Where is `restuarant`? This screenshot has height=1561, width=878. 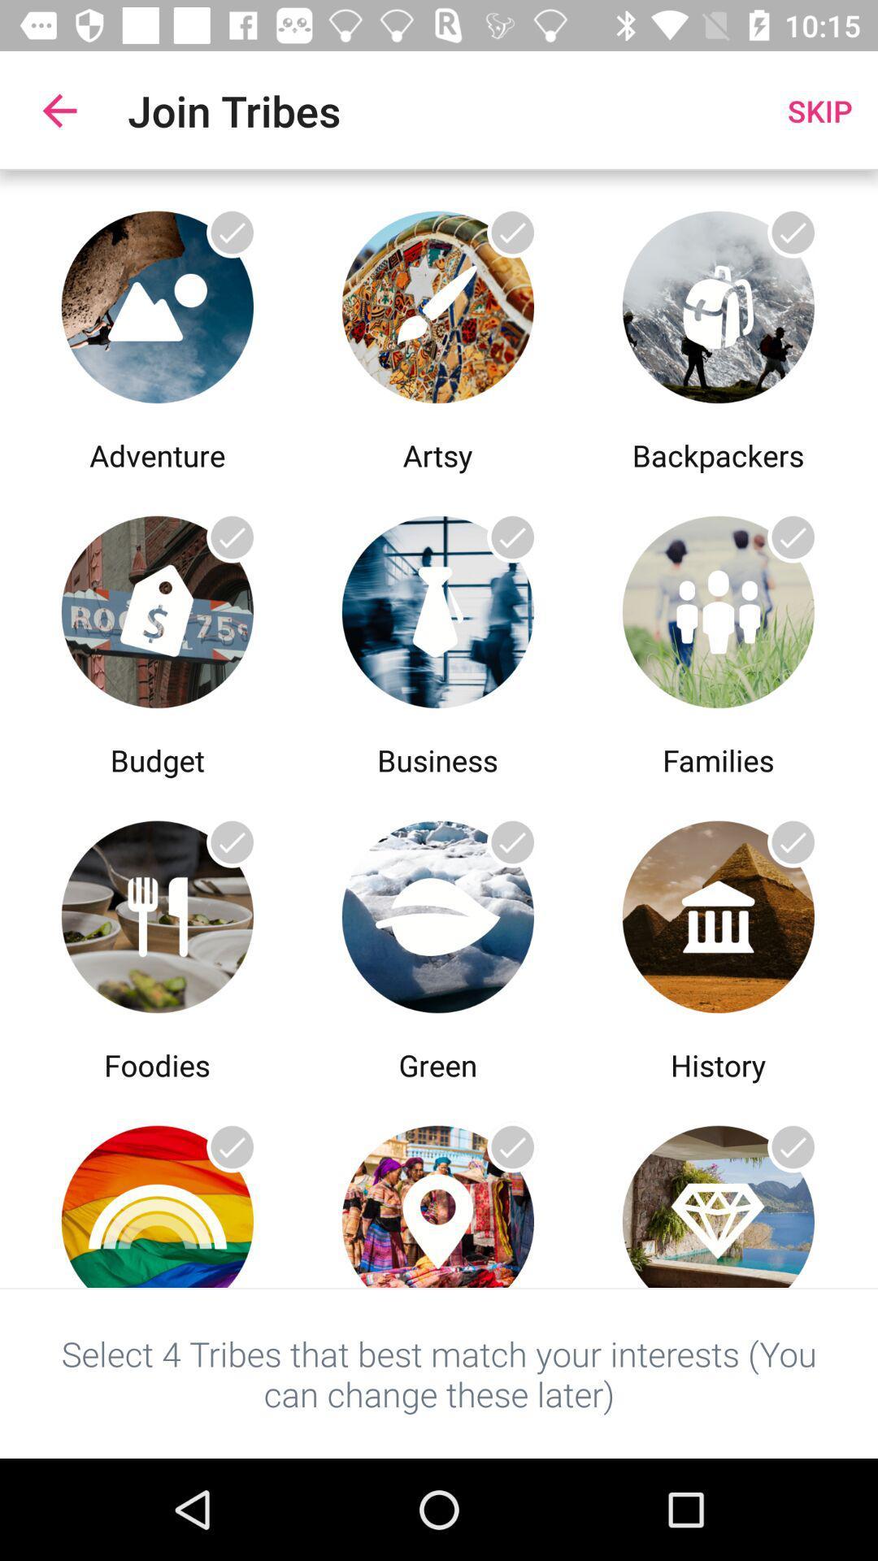 restuarant is located at coordinates (157, 912).